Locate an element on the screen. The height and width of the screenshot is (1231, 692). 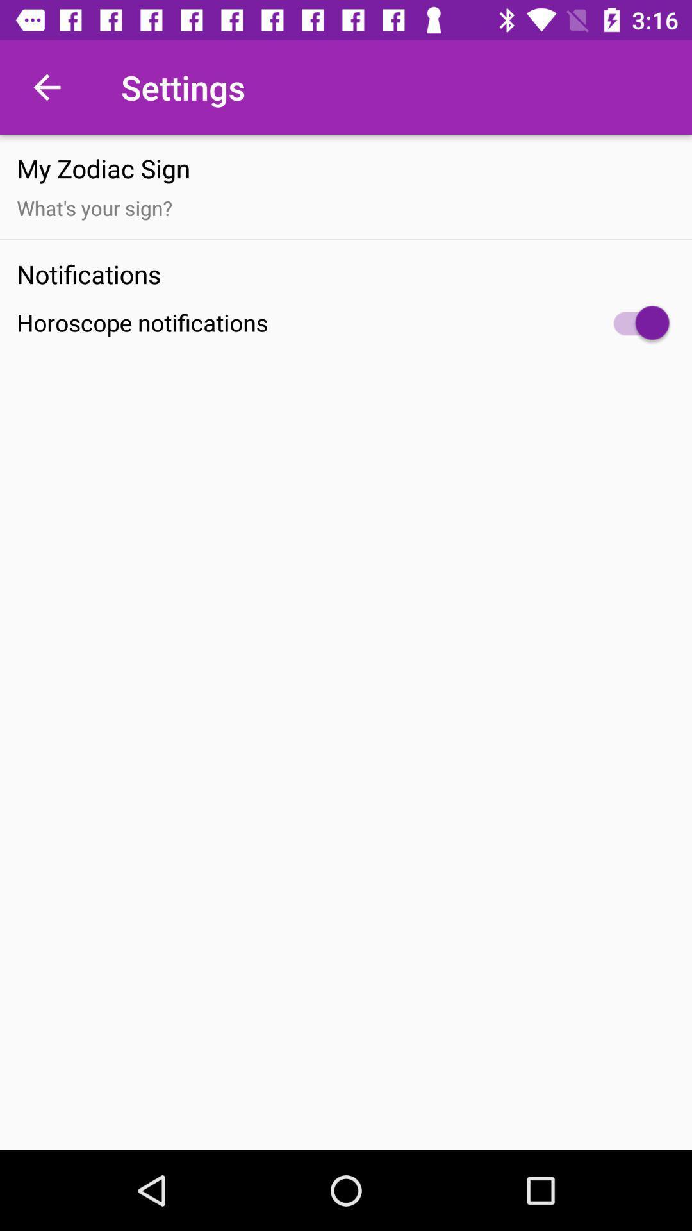
item below notifications item is located at coordinates (346, 322).